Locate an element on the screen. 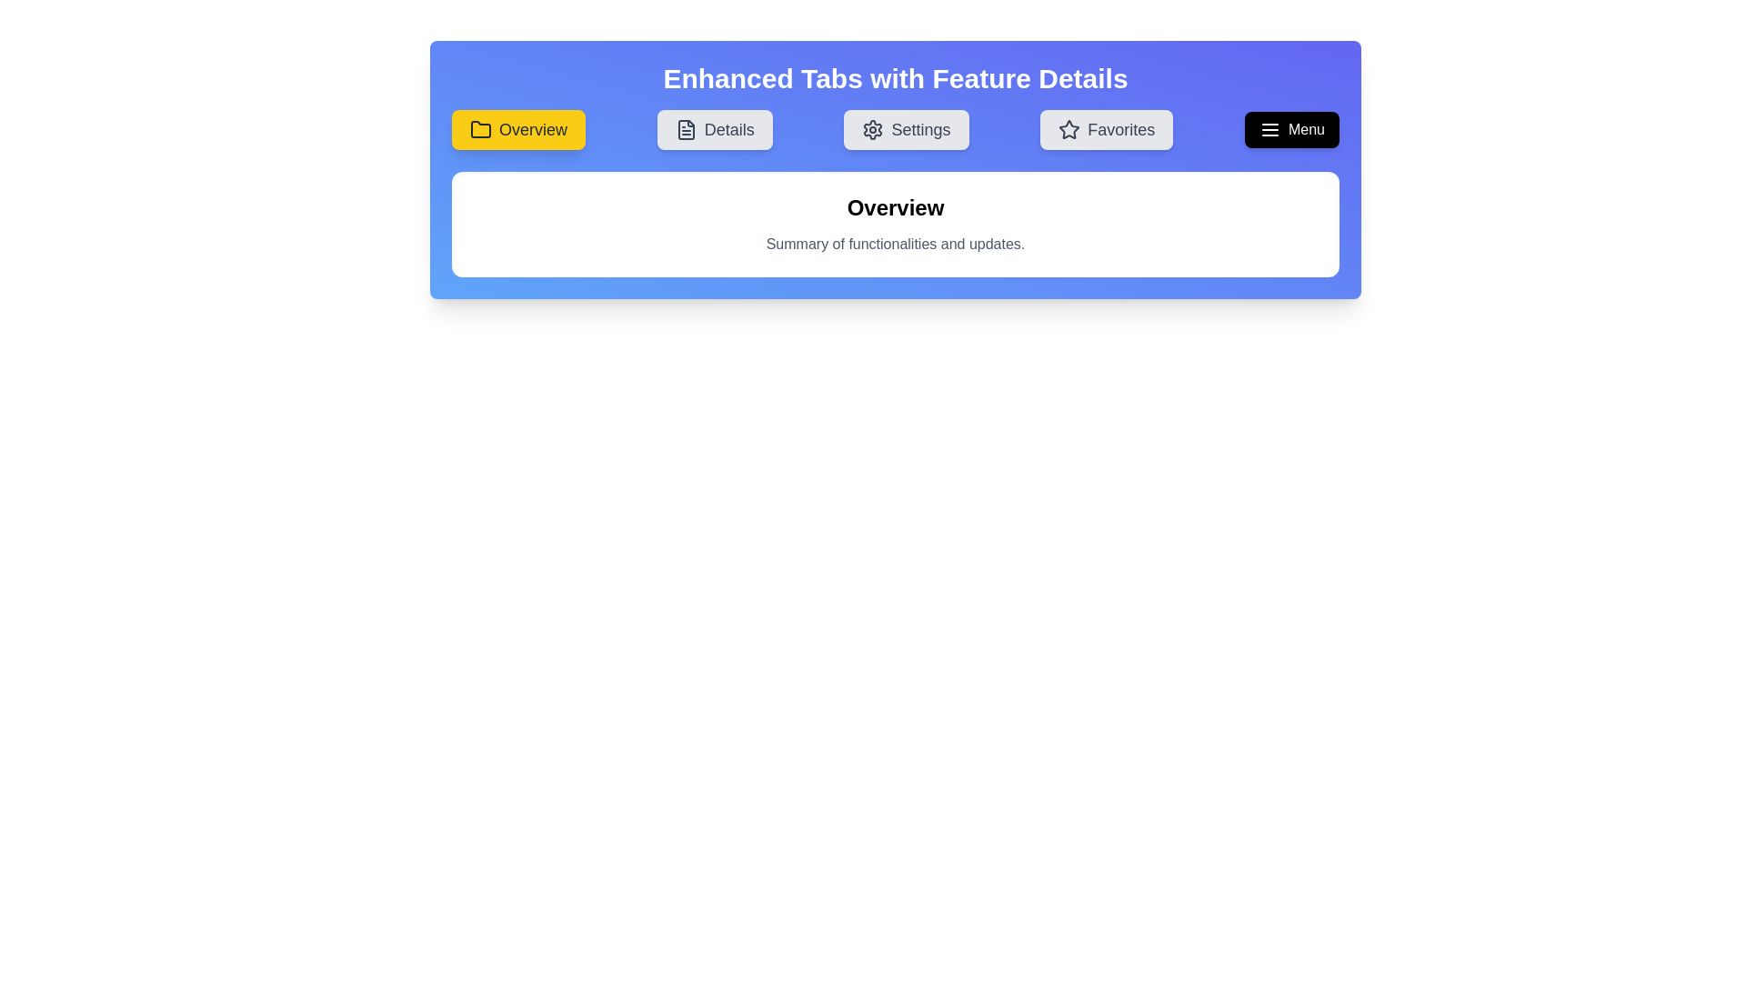 Image resolution: width=1746 pixels, height=982 pixels. the text label located beneath the 'Overview' title text, which provides a summary related to the section is located at coordinates (895, 244).